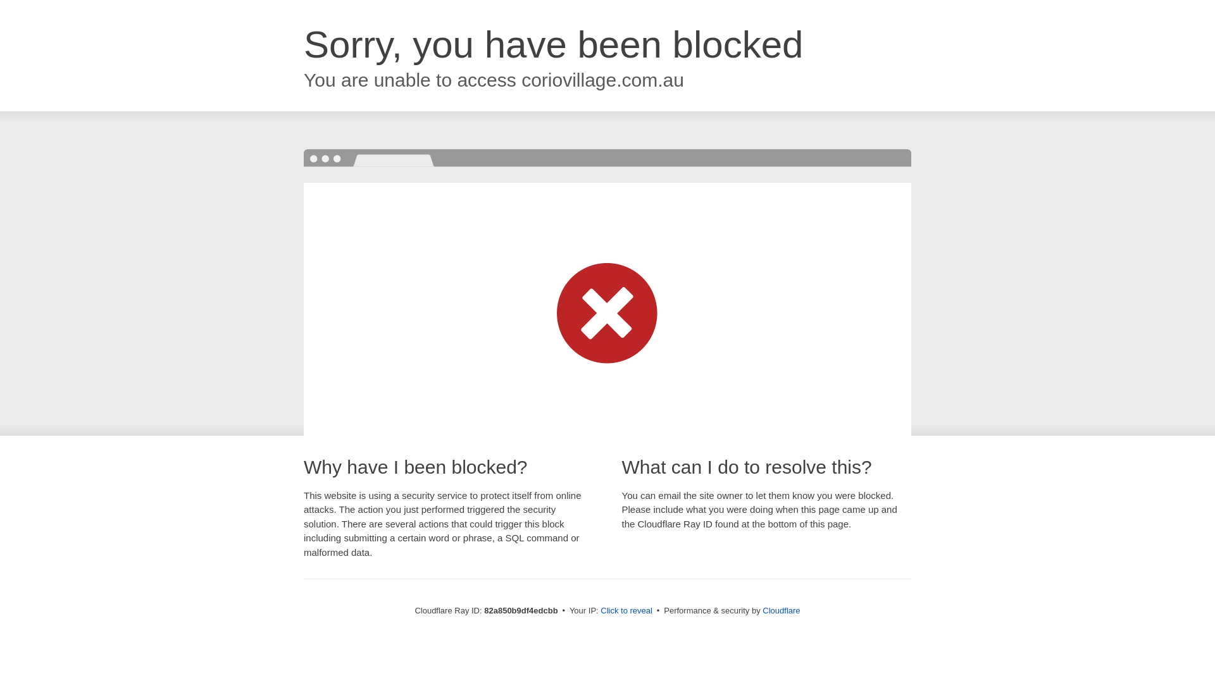  Describe the element at coordinates (600, 610) in the screenshot. I see `'Click to reveal'` at that location.